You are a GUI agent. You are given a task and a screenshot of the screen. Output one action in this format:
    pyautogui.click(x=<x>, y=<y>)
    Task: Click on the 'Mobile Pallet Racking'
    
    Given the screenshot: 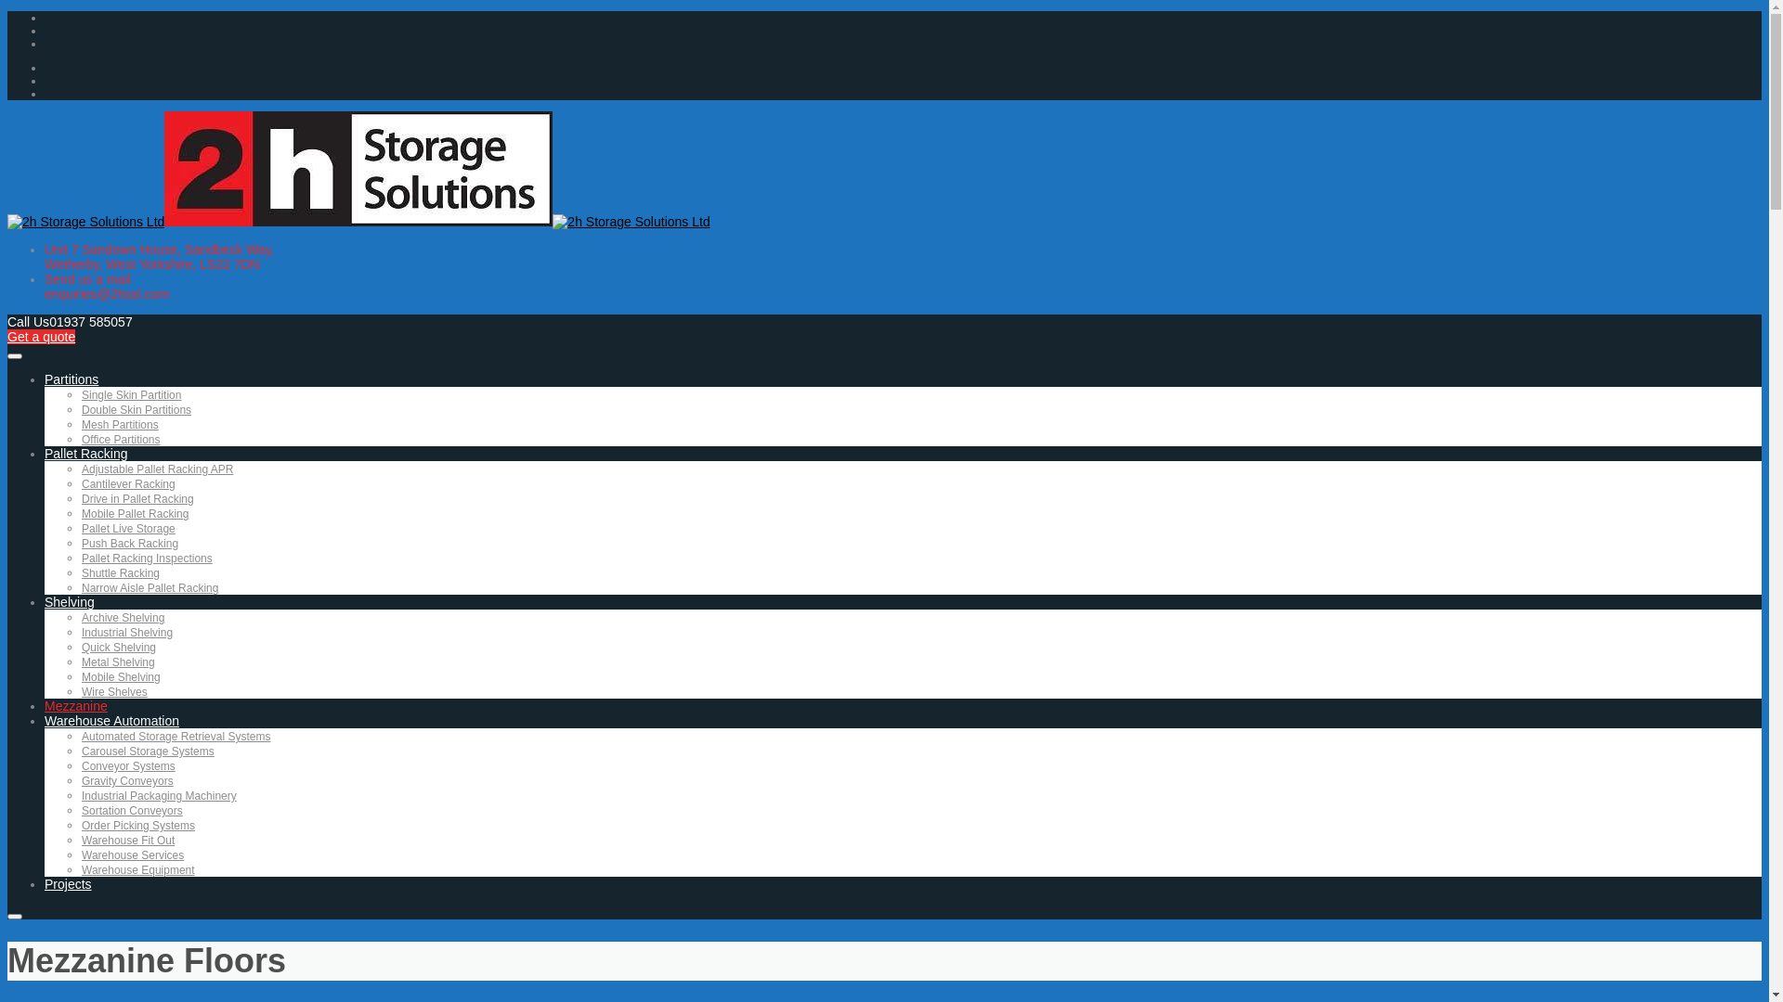 What is the action you would take?
    pyautogui.click(x=134, y=514)
    